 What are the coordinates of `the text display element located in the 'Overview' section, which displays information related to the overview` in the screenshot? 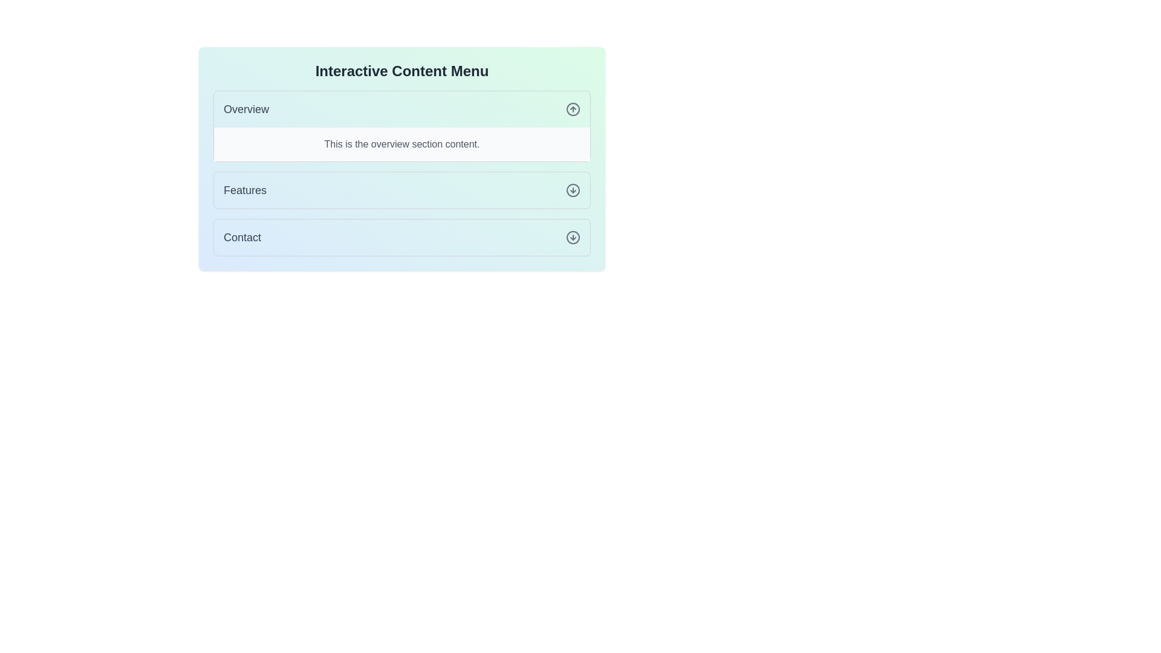 It's located at (402, 144).